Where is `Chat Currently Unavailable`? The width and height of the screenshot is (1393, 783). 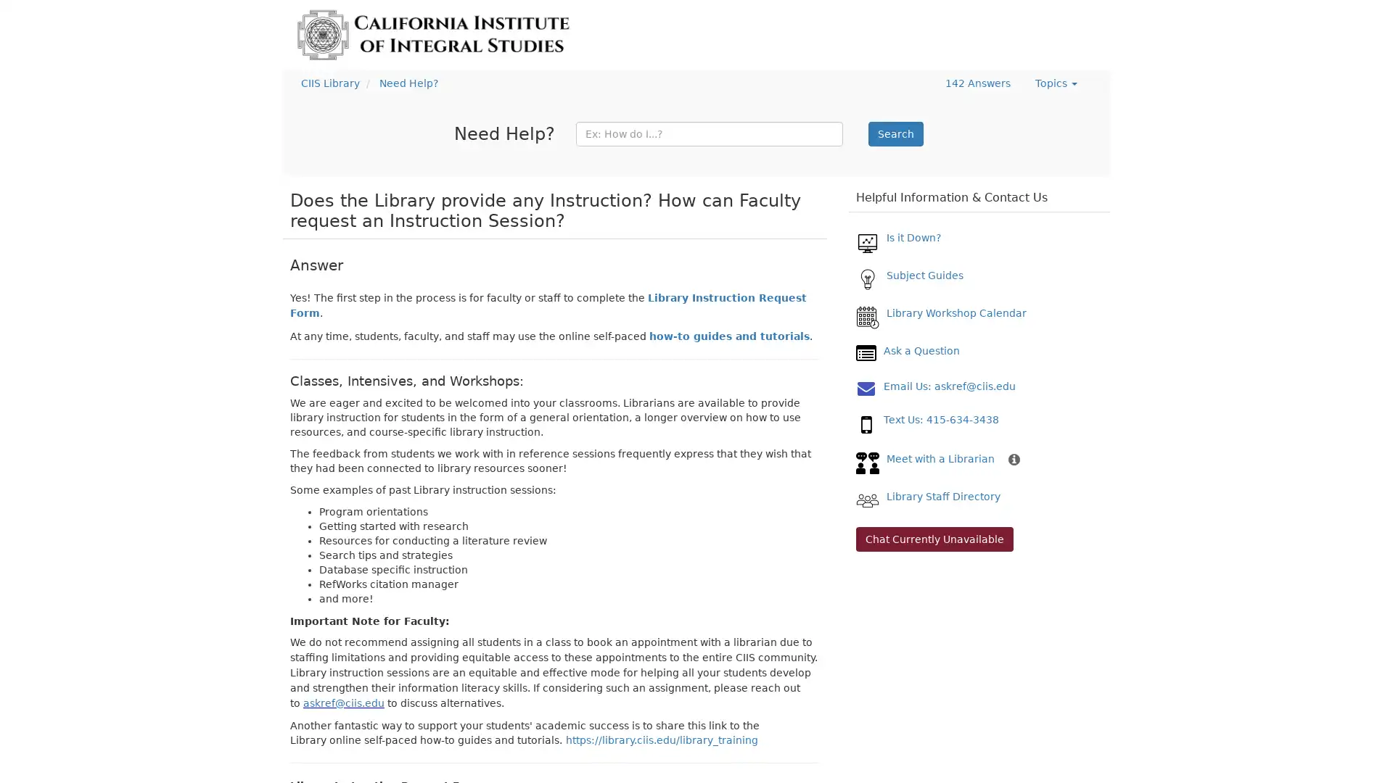
Chat Currently Unavailable is located at coordinates (934, 539).